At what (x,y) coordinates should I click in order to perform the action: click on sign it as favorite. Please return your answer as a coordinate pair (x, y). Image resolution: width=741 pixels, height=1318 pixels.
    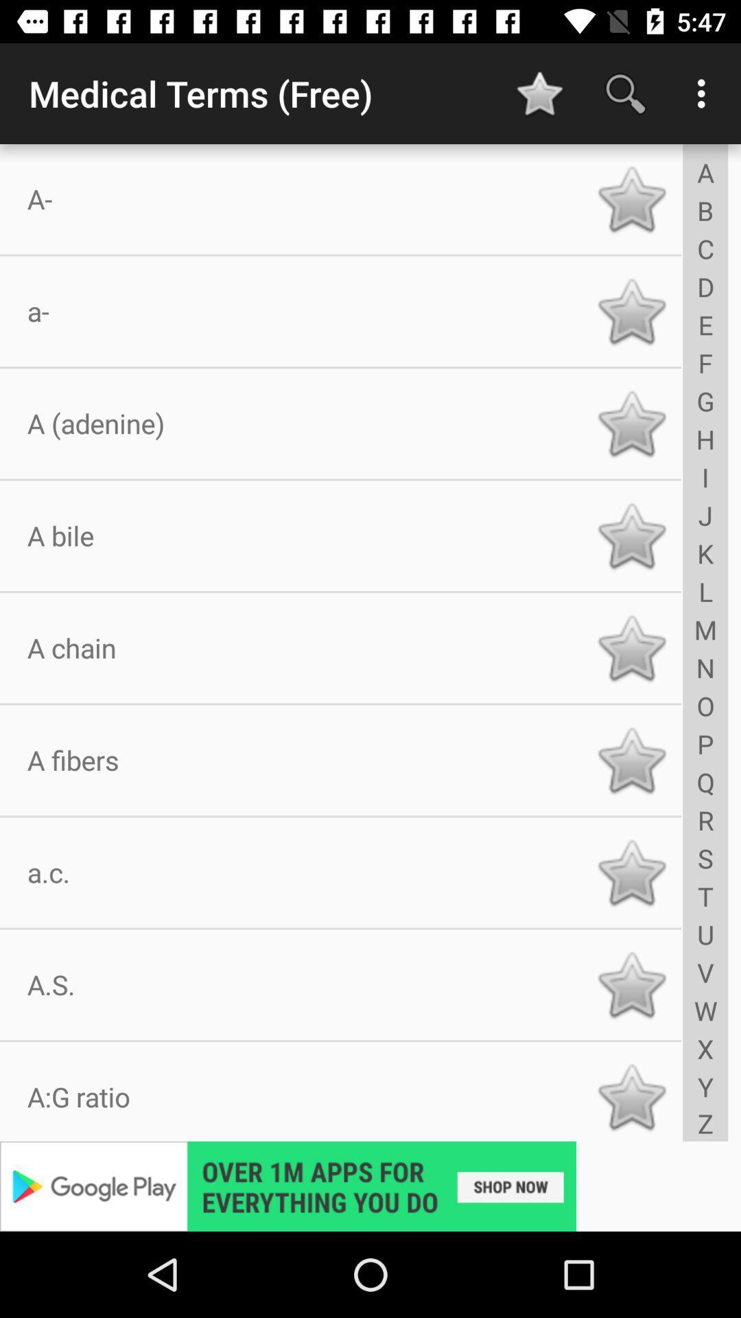
    Looking at the image, I should click on (631, 759).